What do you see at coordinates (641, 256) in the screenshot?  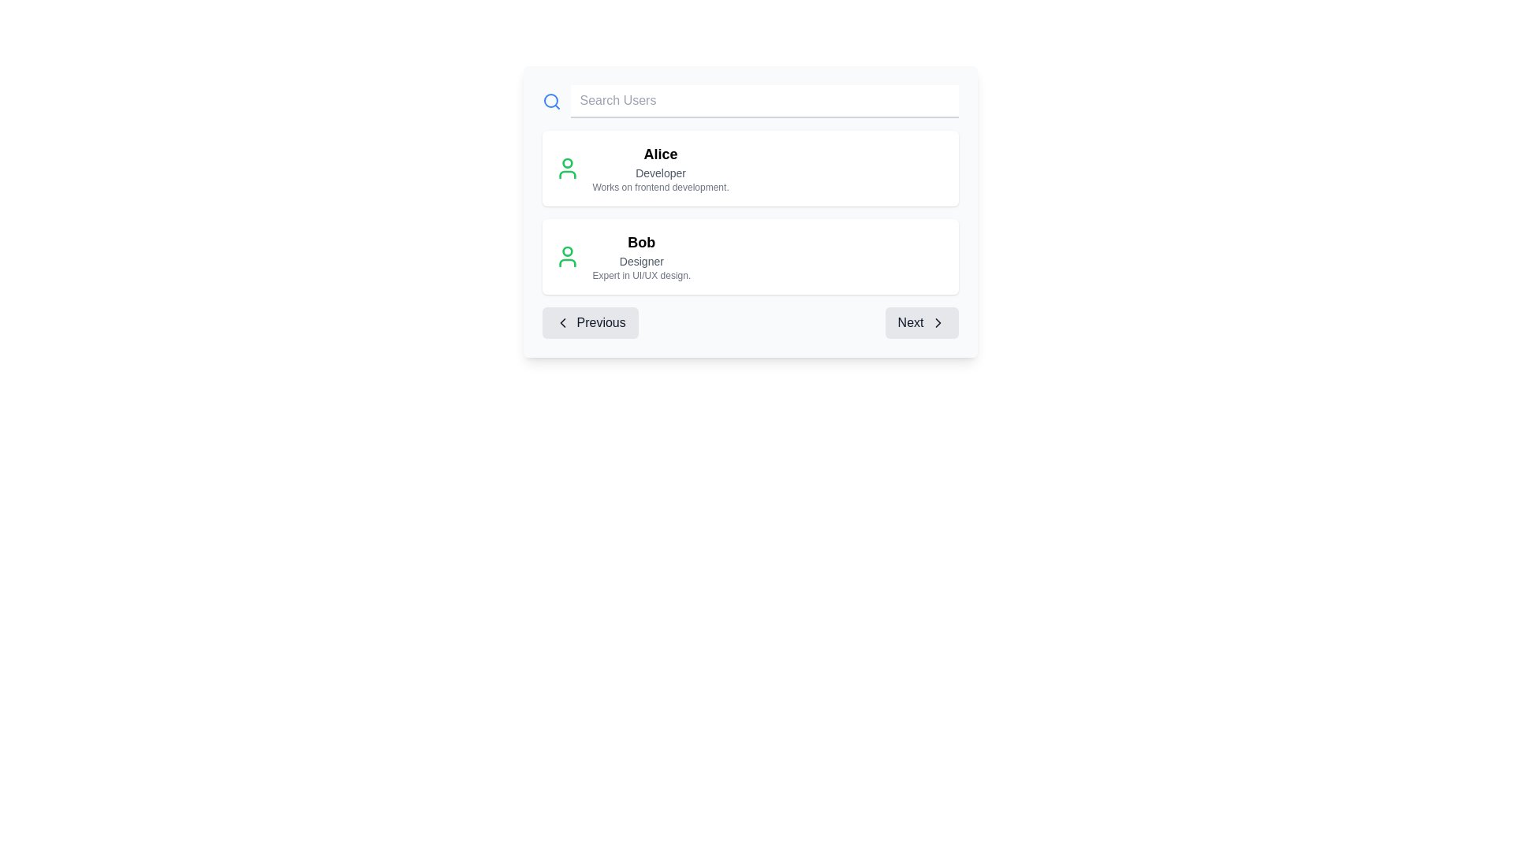 I see `user profile information displayed in the informational text located immediately beneath the entry labeled 'Alice - Developer' in the center of the interface` at bounding box center [641, 256].